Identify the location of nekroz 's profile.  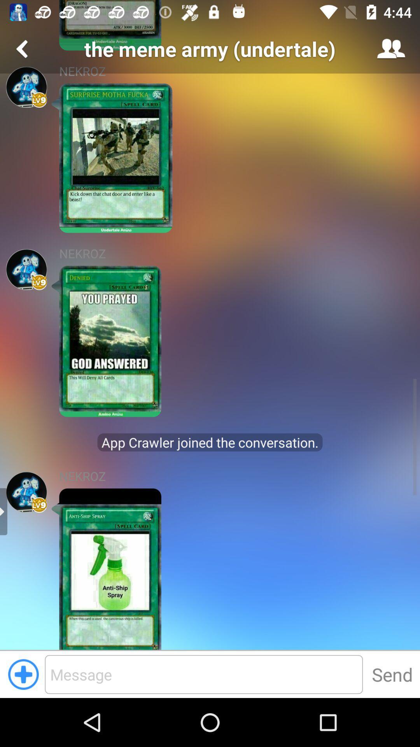
(26, 87).